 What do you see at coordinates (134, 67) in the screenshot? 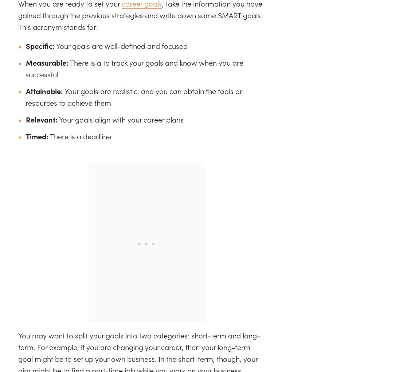
I see `'There is a to track your goals and know when you are successful'` at bounding box center [134, 67].